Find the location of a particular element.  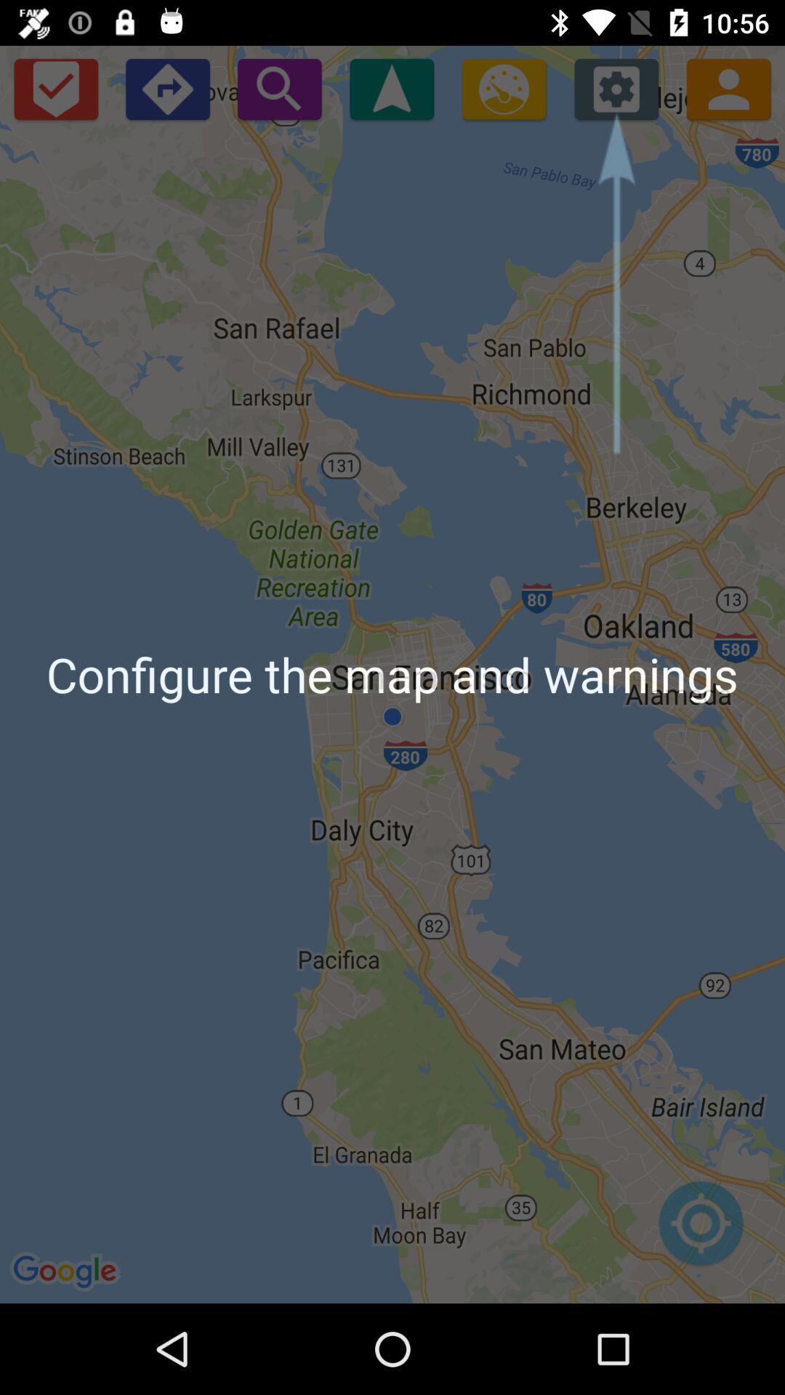

map is located at coordinates (700, 1230).